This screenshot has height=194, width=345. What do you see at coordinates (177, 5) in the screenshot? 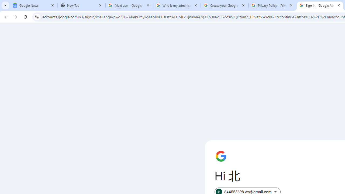
I see `'Who is my administrator? - Google Account Help'` at bounding box center [177, 5].